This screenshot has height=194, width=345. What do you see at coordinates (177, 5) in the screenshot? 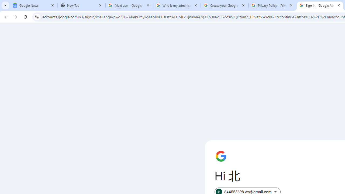
I see `'Who is my administrator? - Google Account Help'` at bounding box center [177, 5].